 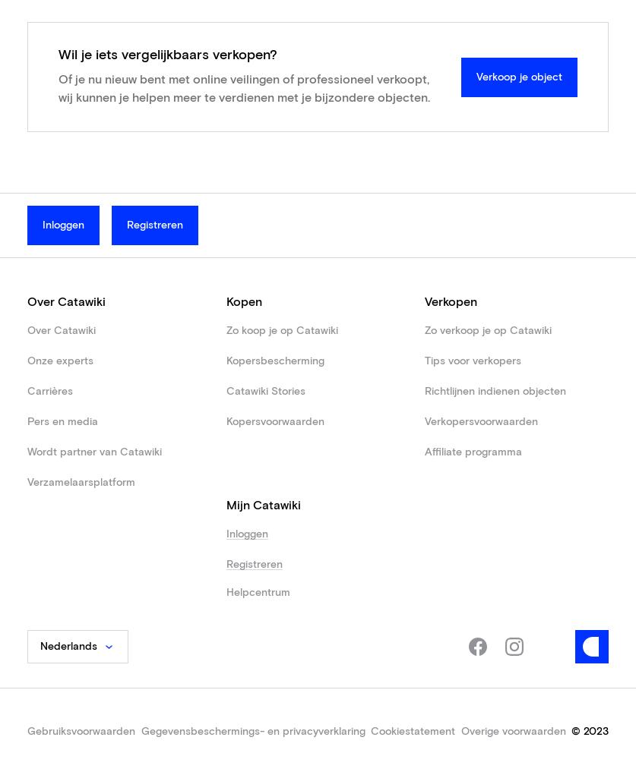 What do you see at coordinates (274, 360) in the screenshot?
I see `'Kopersbescherming'` at bounding box center [274, 360].